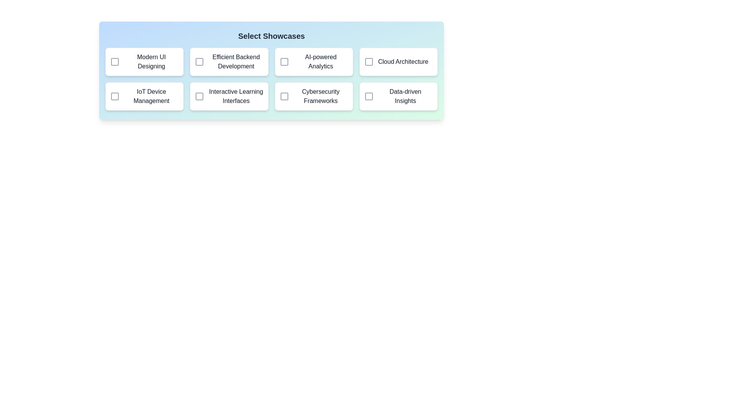 The height and width of the screenshot is (415, 738). What do you see at coordinates (314, 61) in the screenshot?
I see `the showcase item labeled 'AI-powered Analytics' to observe the hover effect` at bounding box center [314, 61].